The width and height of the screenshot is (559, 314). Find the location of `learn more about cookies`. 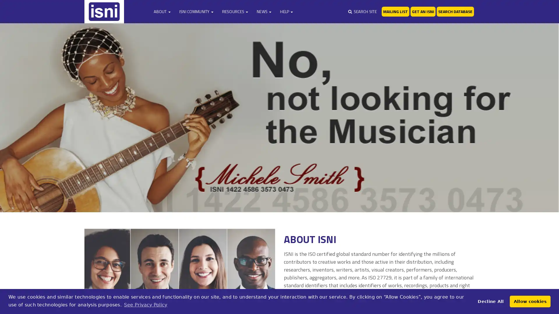

learn more about cookies is located at coordinates (145, 304).